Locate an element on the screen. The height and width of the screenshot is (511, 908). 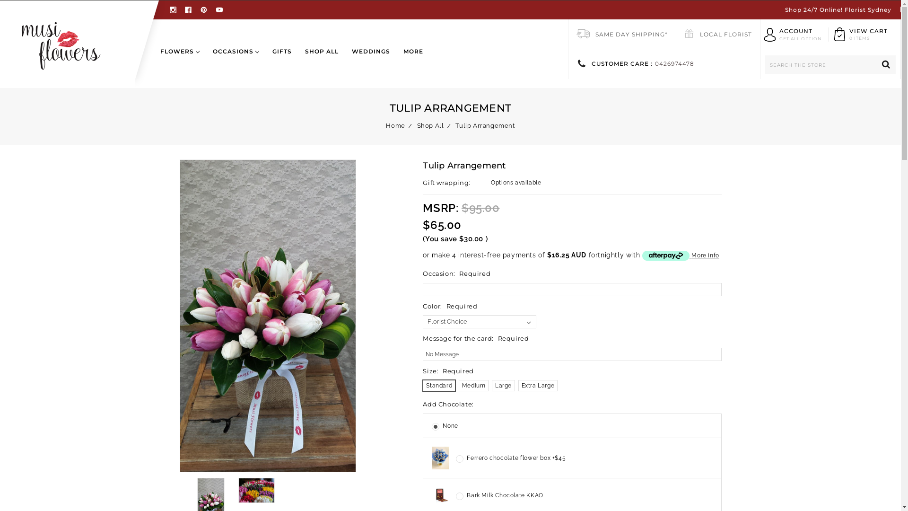
'SHOP ALL' is located at coordinates (297, 58).